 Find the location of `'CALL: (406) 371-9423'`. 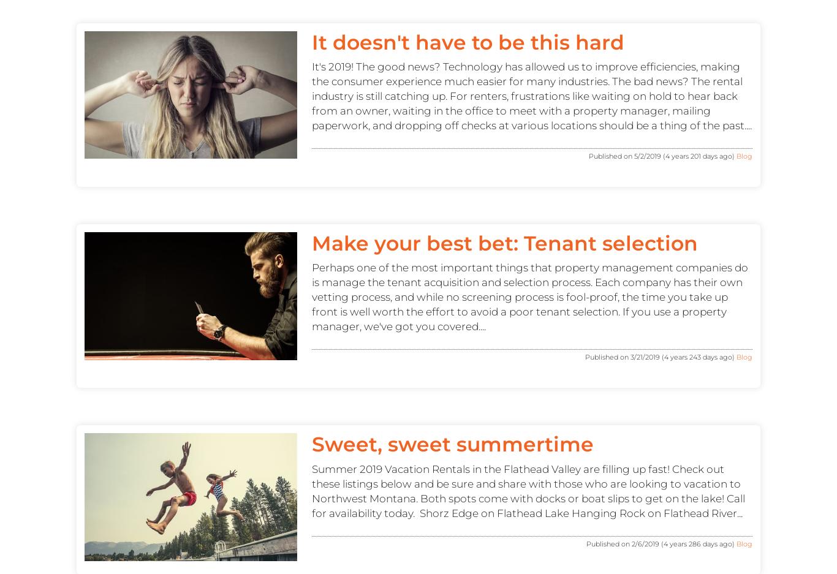

'CALL: (406) 371-9423' is located at coordinates (127, 115).